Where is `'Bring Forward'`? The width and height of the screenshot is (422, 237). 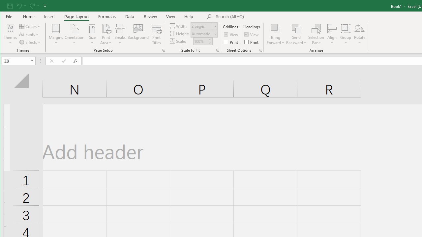
'Bring Forward' is located at coordinates (276, 34).